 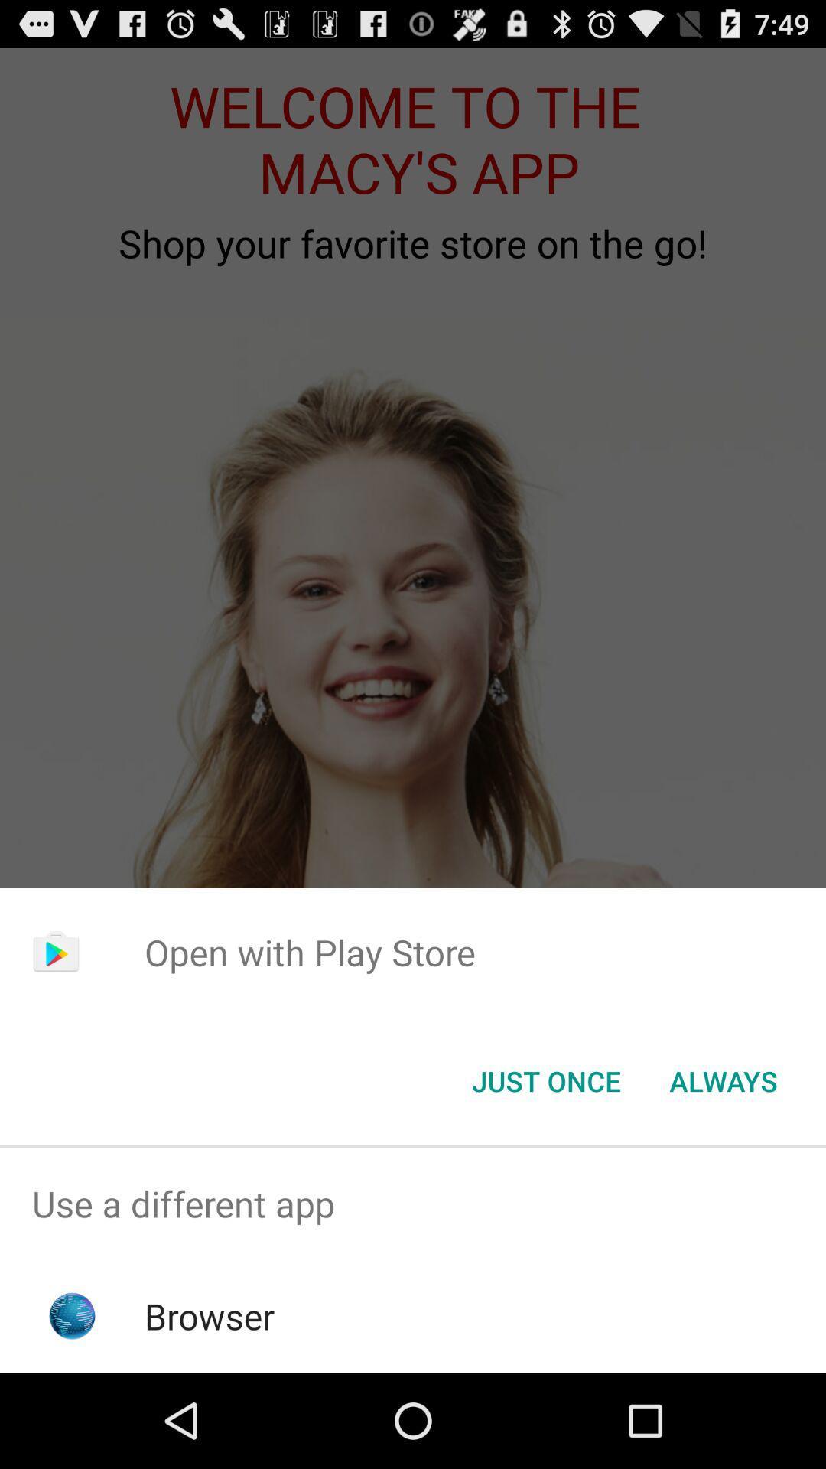 What do you see at coordinates (545, 1080) in the screenshot?
I see `just once icon` at bounding box center [545, 1080].